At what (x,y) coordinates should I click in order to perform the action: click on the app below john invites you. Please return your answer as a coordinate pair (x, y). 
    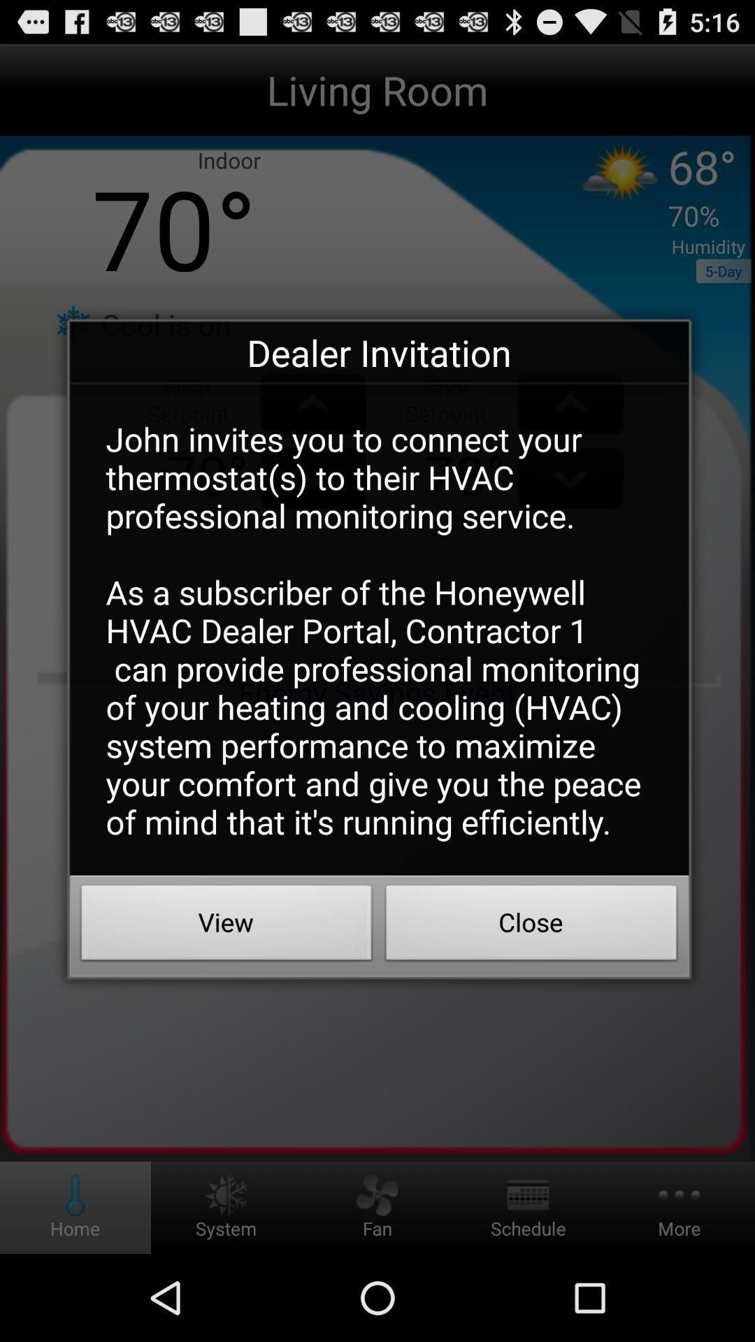
    Looking at the image, I should click on (531, 926).